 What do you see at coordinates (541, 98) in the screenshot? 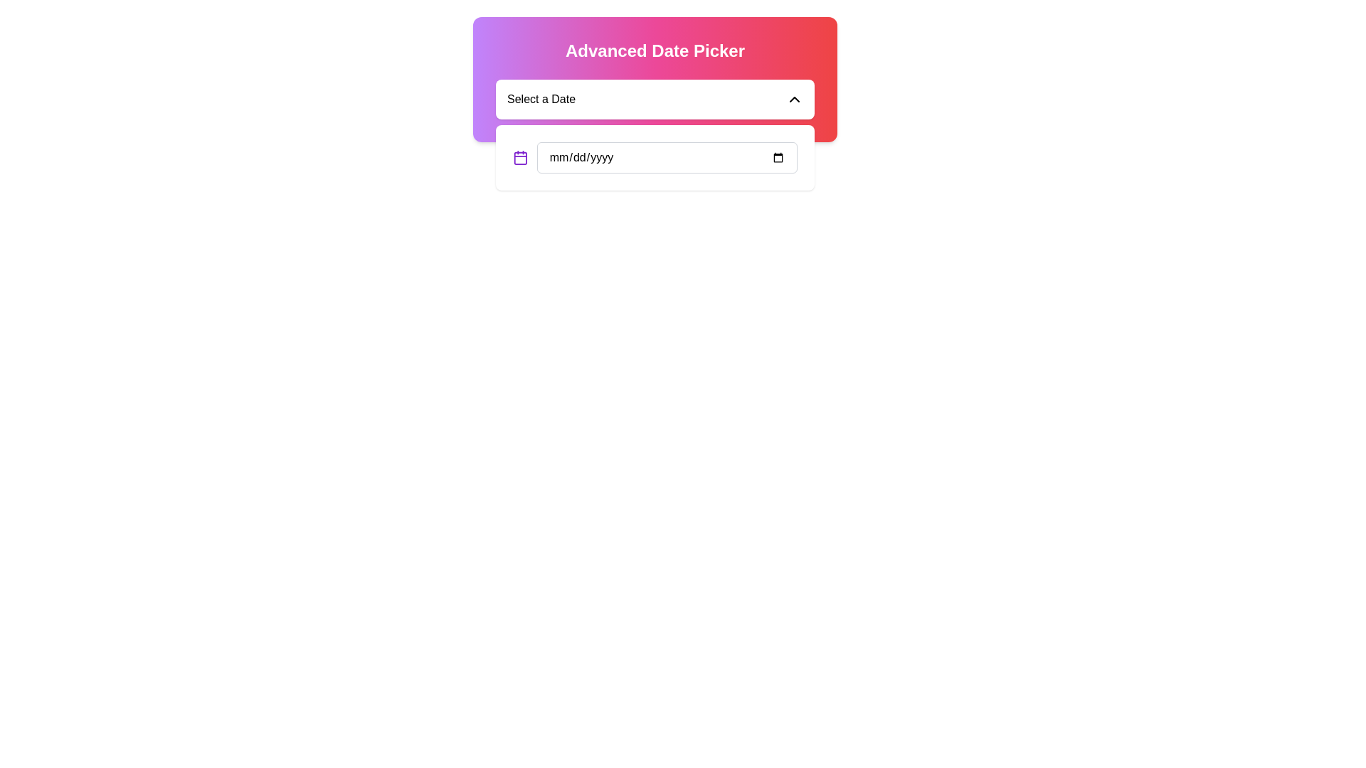
I see `the 'Select a Date' label element, which is a text string in black font inside a white, rounded rectangular box located below the 'Advanced Date Picker' title` at bounding box center [541, 98].